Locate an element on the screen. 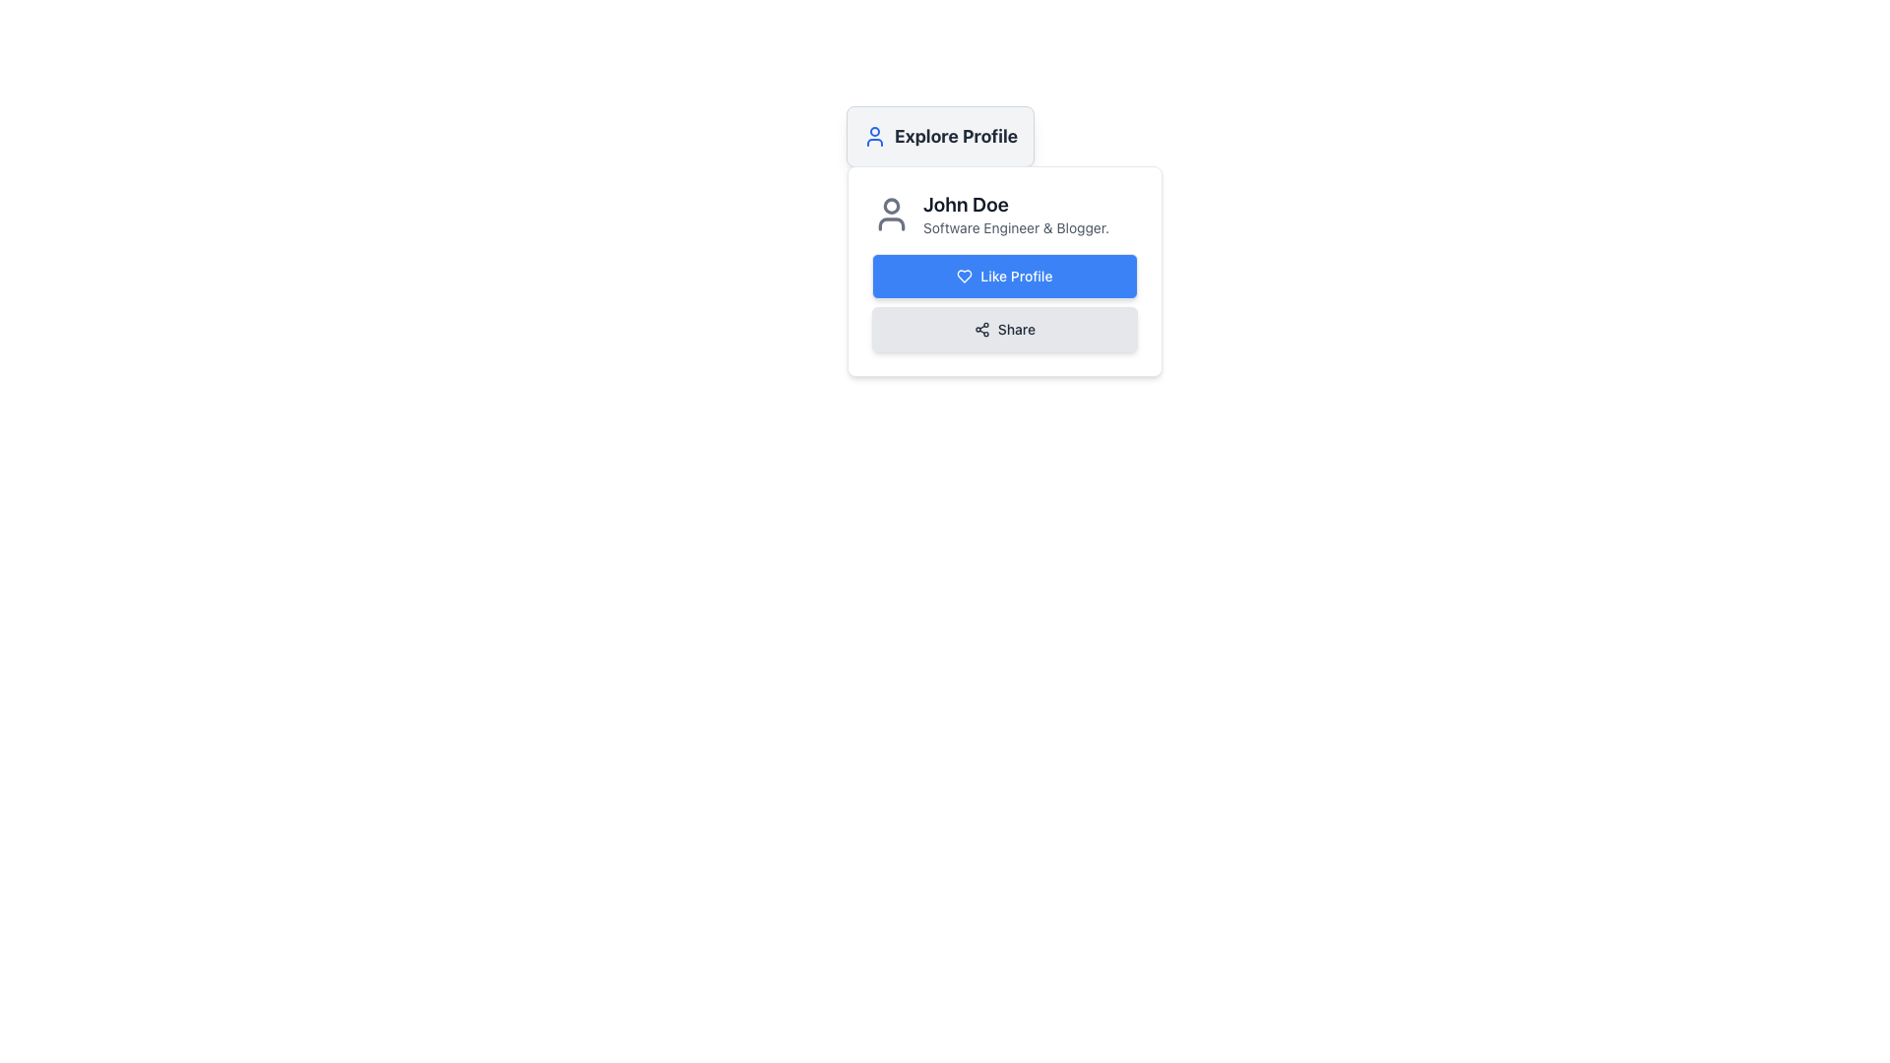 This screenshot has width=1890, height=1063. the share icon, which is a small icon depicting a share symbol located within the button labeled 'Share', positioned to the left of the text in the second action element of the panel is located at coordinates (981, 329).